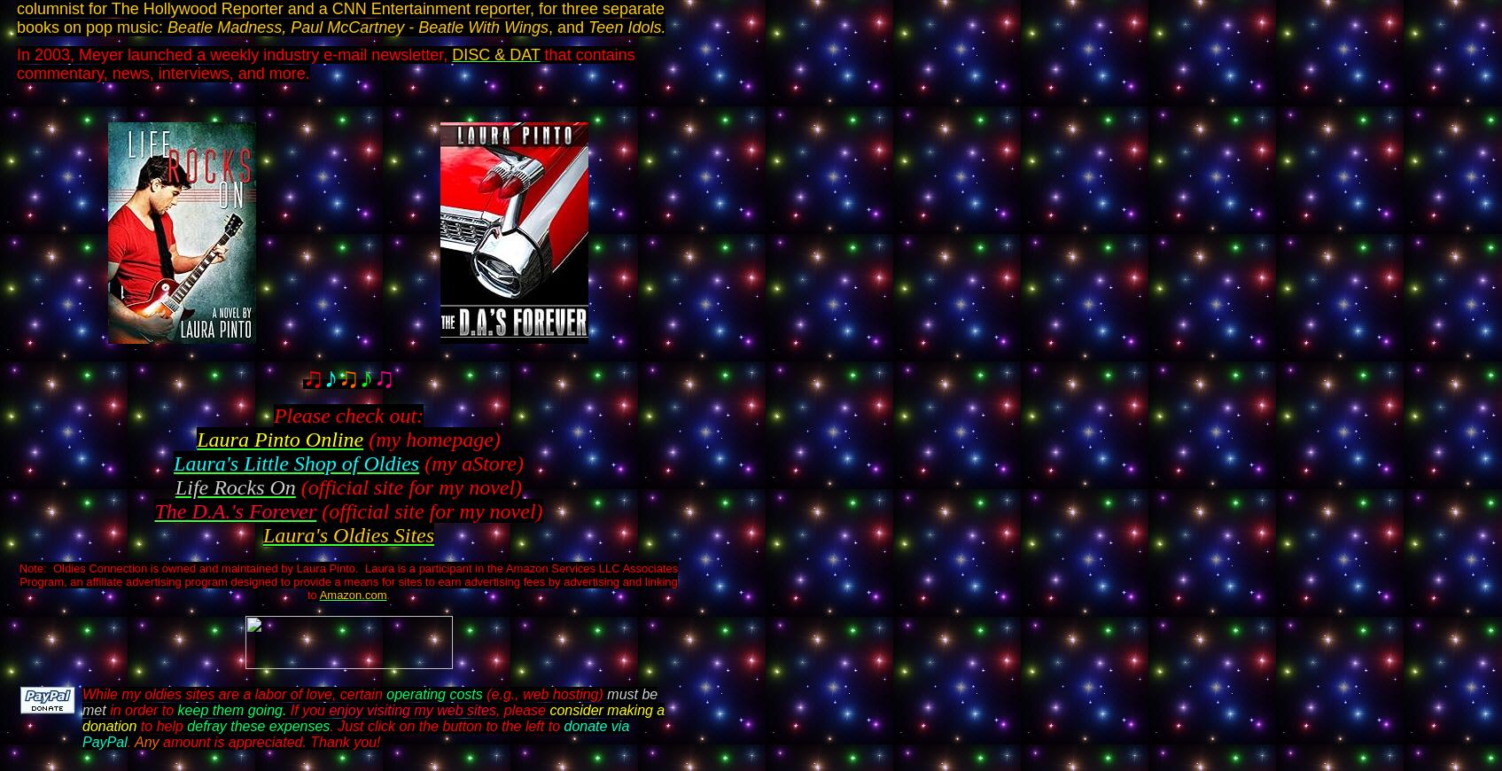  What do you see at coordinates (519, 710) in the screenshot?
I see `', please'` at bounding box center [519, 710].